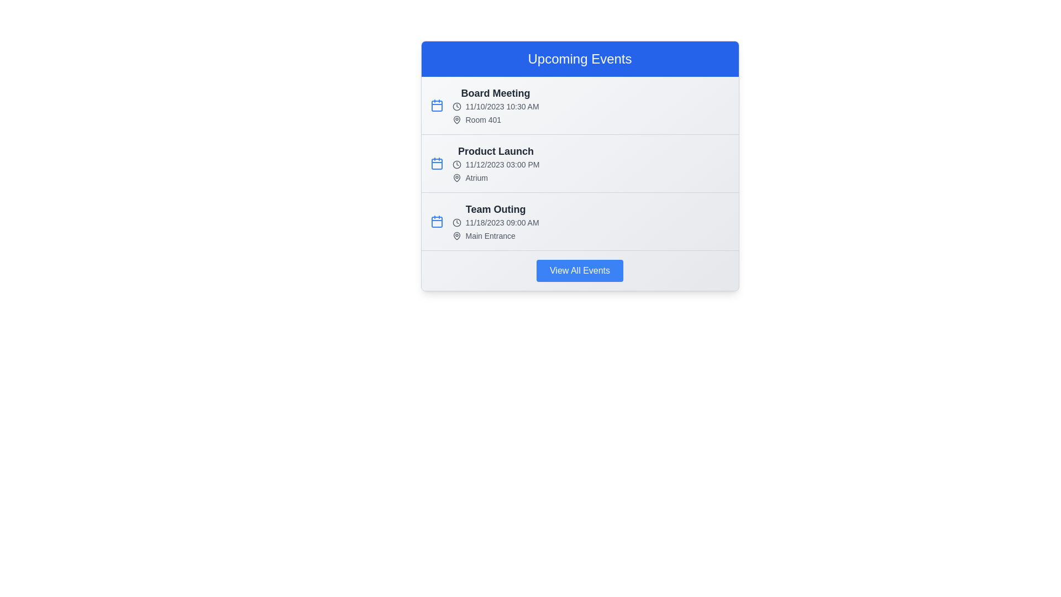 The width and height of the screenshot is (1061, 597). What do you see at coordinates (456, 177) in the screenshot?
I see `the pin-shaped outline icon located to the left of the text 'Atrium' in the 'Product Launch' event details` at bounding box center [456, 177].